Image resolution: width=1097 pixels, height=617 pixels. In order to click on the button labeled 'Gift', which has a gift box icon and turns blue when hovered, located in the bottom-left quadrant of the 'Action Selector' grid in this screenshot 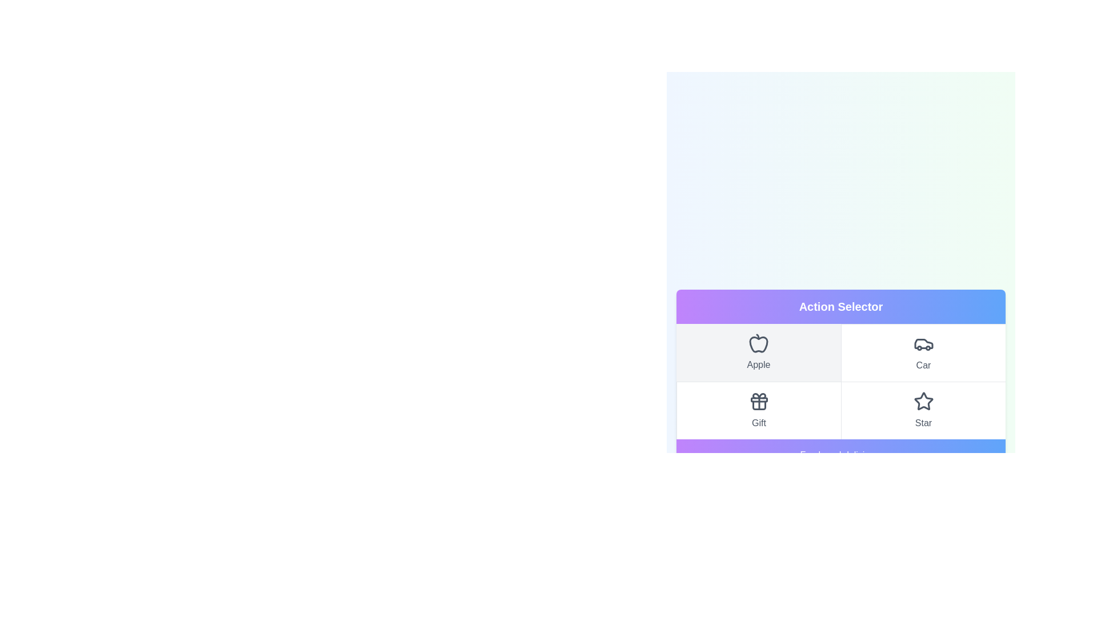, I will do `click(759, 410)`.